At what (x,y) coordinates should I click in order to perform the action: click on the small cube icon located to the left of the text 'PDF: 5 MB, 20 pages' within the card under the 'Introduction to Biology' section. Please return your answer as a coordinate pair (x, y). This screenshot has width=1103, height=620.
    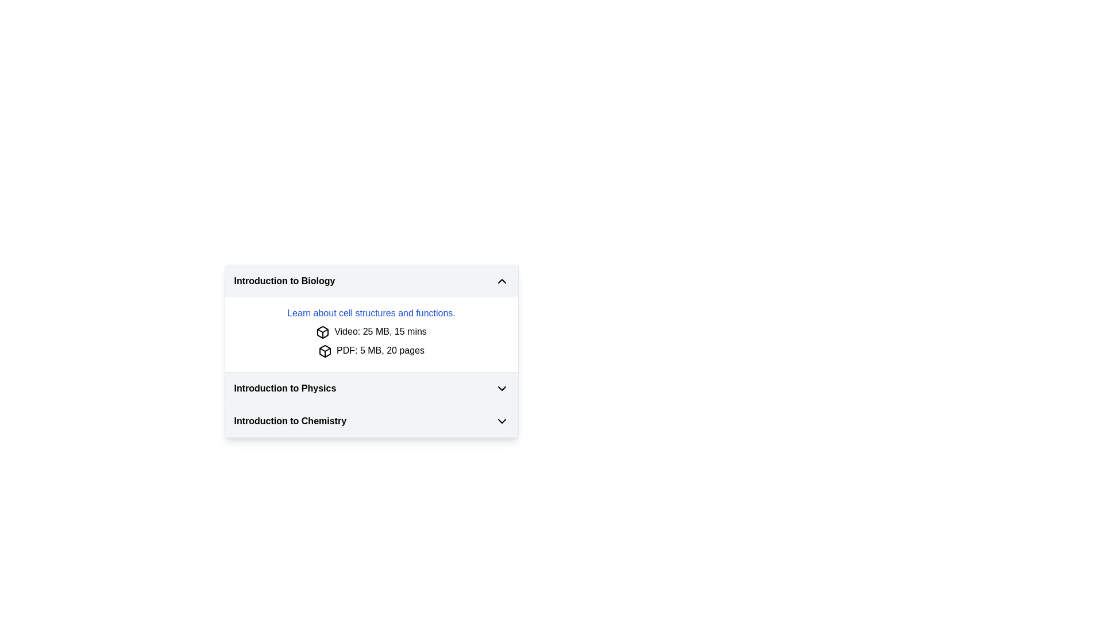
    Looking at the image, I should click on (325, 350).